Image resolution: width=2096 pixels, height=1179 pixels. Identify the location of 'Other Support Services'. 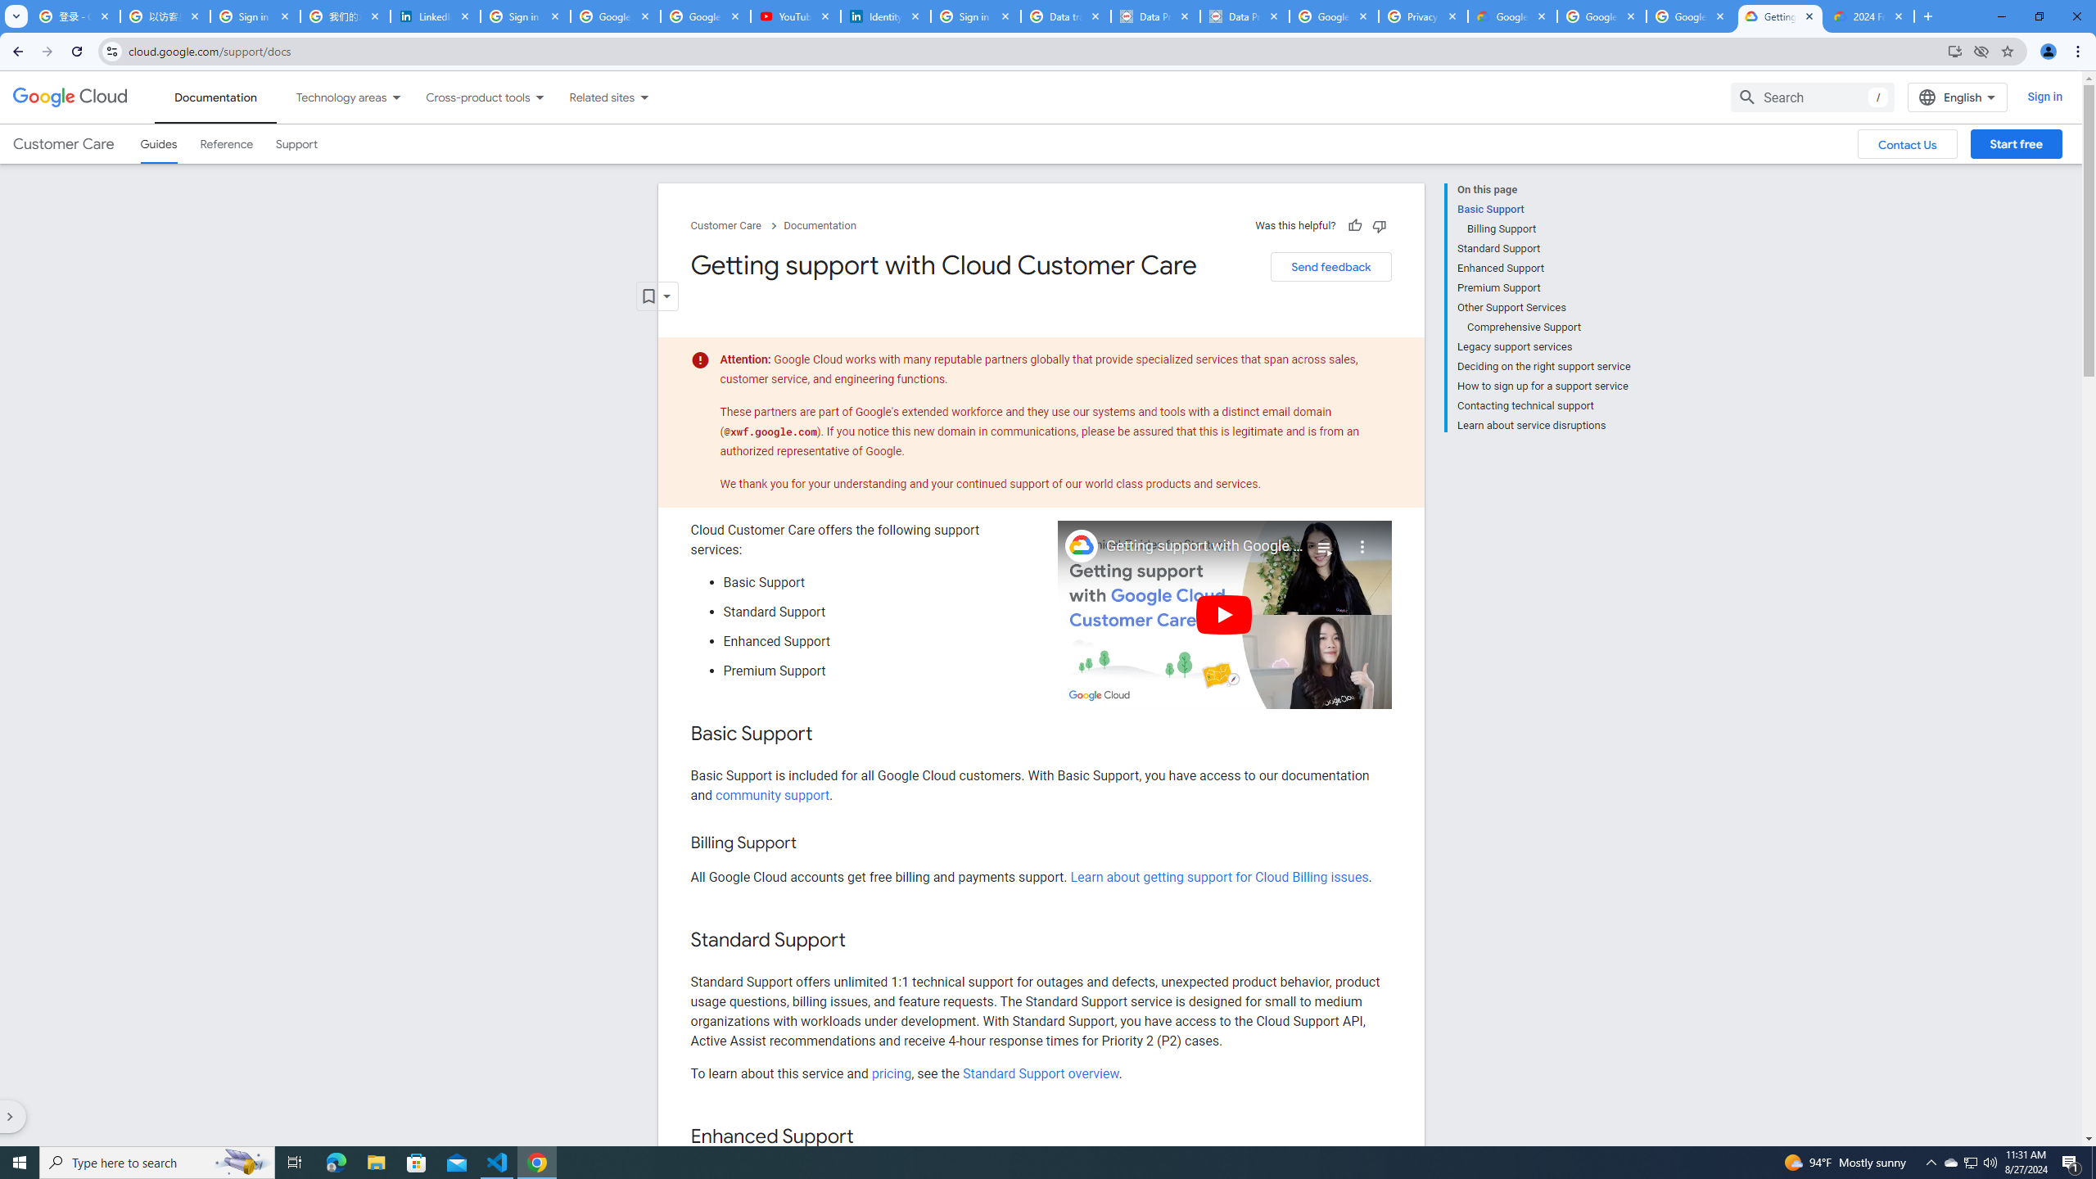
(1543, 307).